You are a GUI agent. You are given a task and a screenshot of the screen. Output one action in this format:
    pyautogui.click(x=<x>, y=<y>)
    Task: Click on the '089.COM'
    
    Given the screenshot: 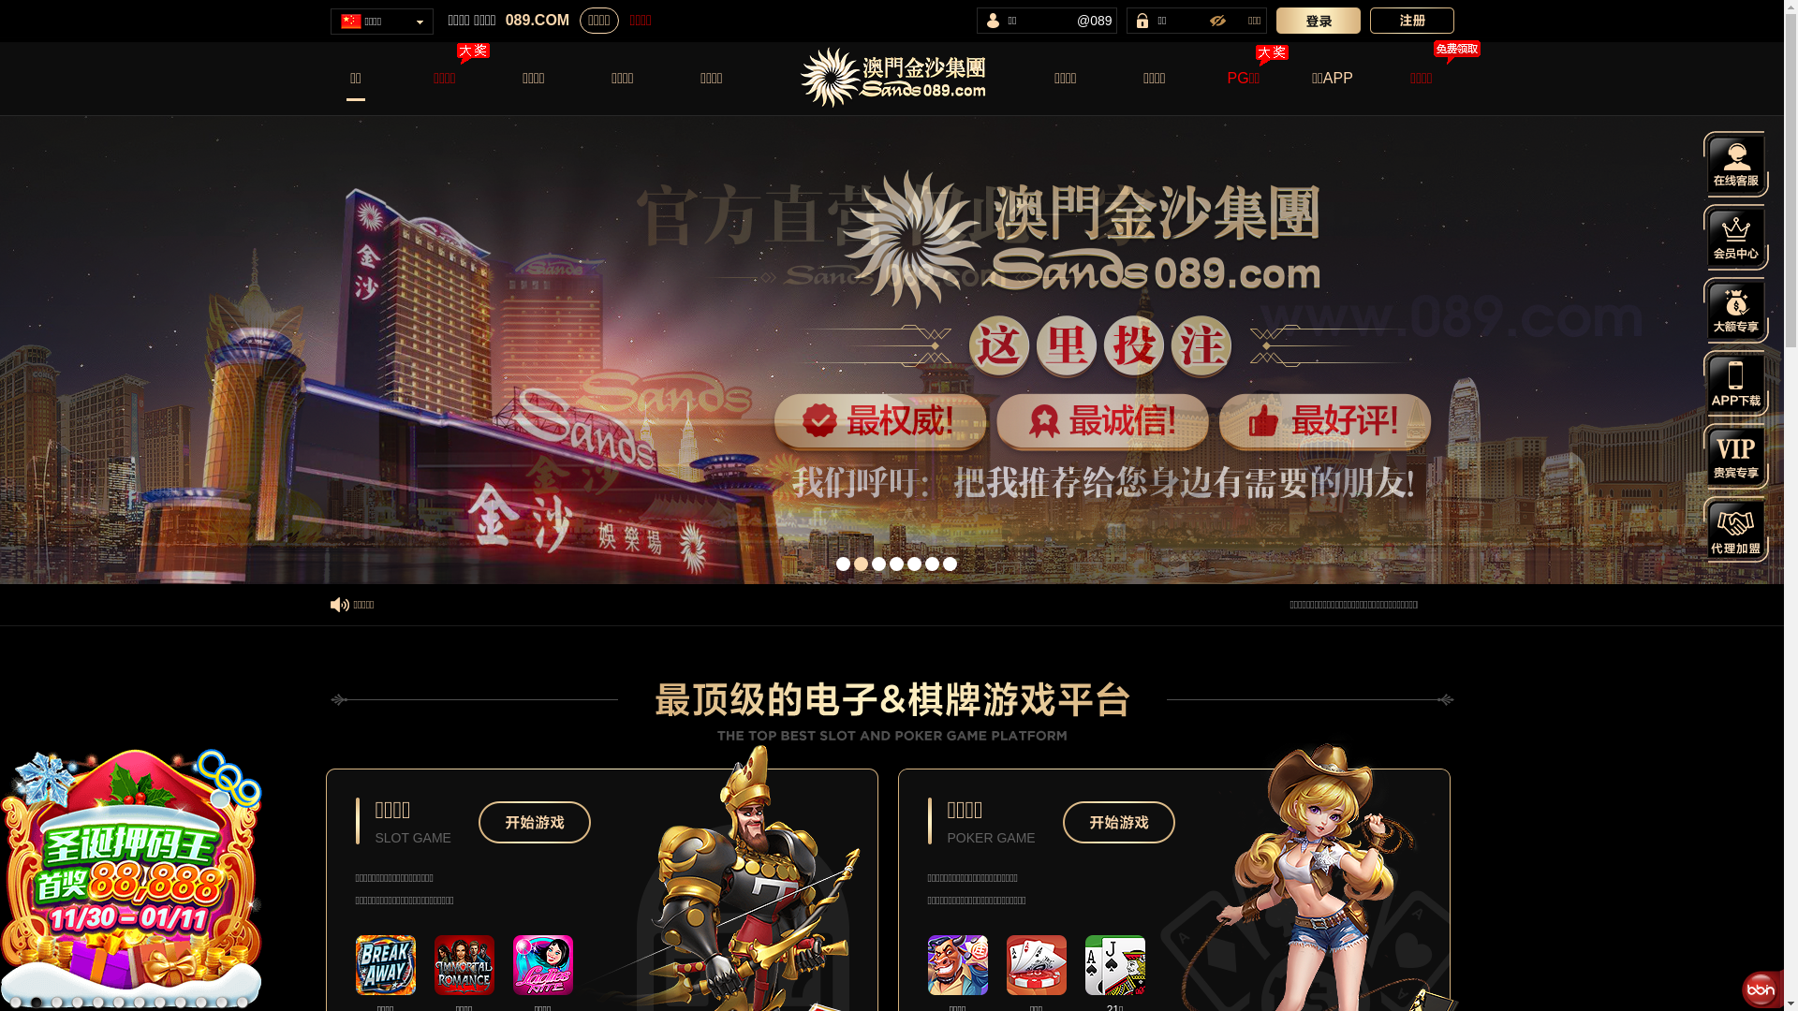 What is the action you would take?
    pyautogui.click(x=537, y=21)
    